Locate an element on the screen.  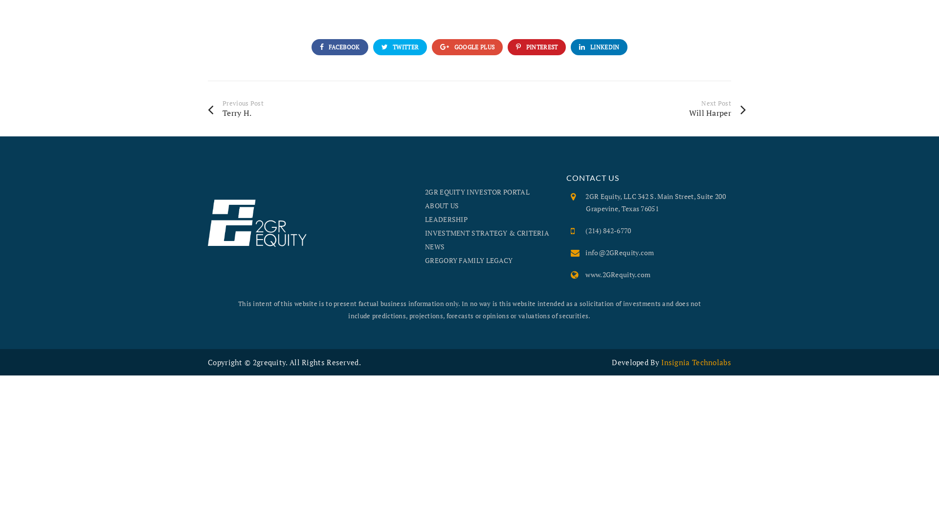
'INVESTORS' is located at coordinates (875, 19).